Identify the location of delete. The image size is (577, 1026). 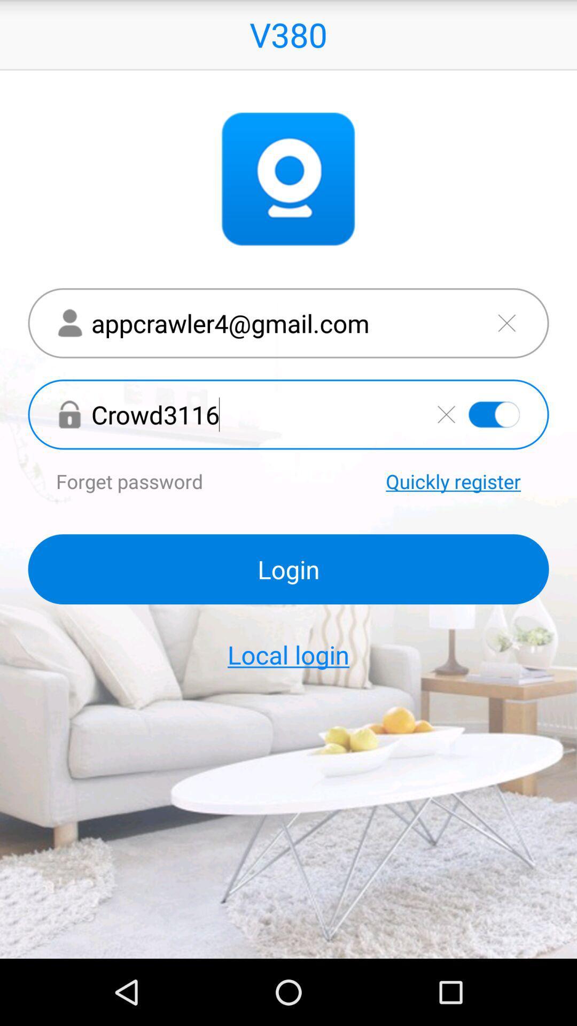
(446, 414).